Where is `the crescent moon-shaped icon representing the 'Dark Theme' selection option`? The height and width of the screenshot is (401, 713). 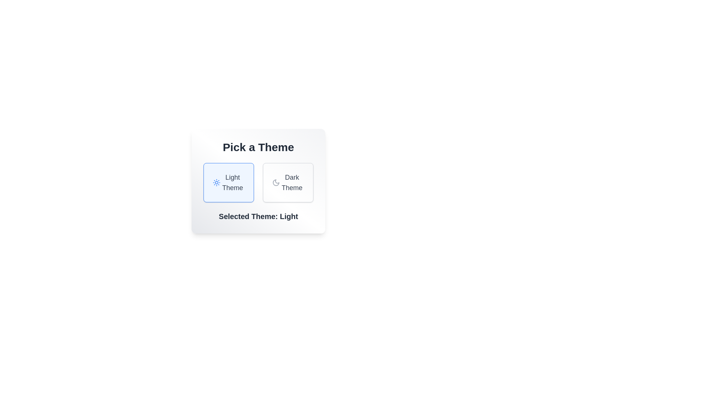 the crescent moon-shaped icon representing the 'Dark Theme' selection option is located at coordinates (276, 183).